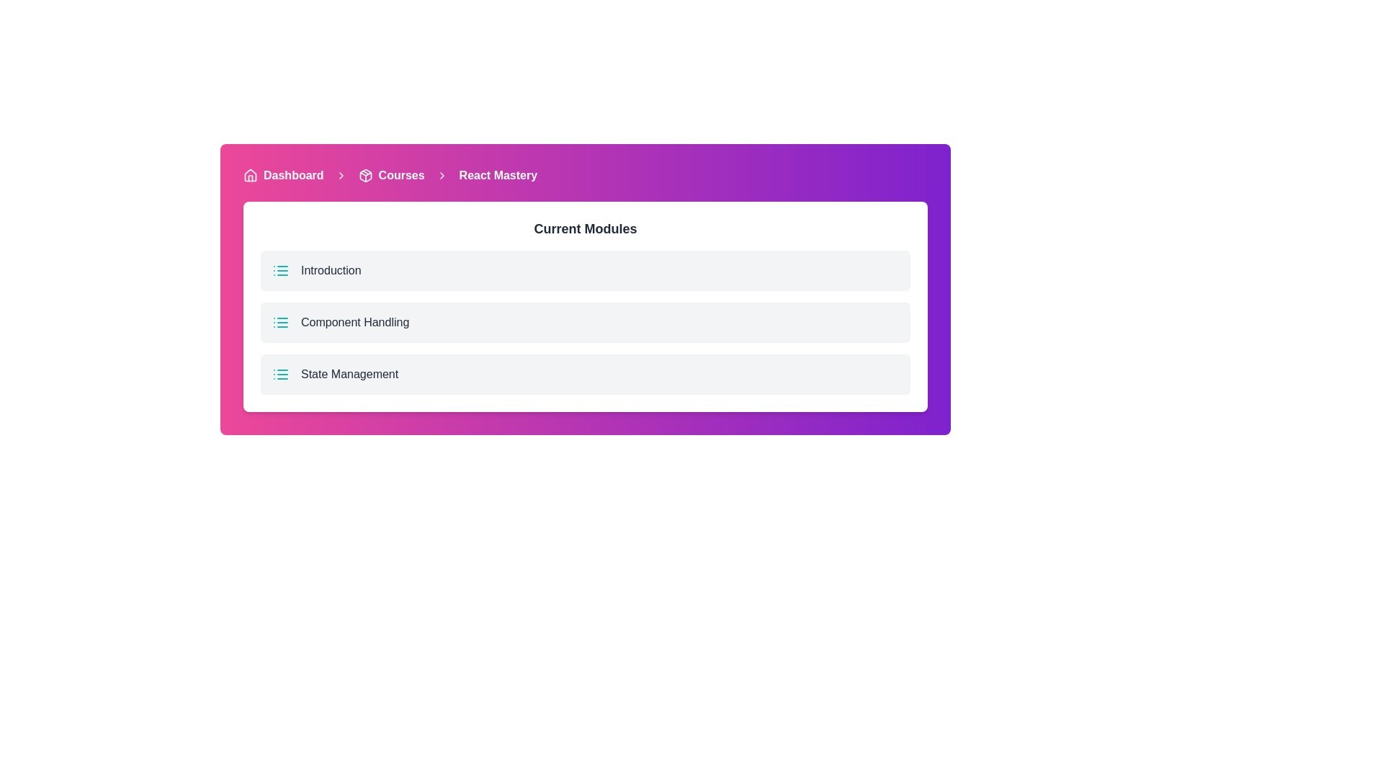 The height and width of the screenshot is (778, 1383). I want to click on the 'React Mastery' text label, which is a bold-styled label in white font located at the end of a breadcrumb navigation bar with a pink and purple gradient background, so click(498, 174).